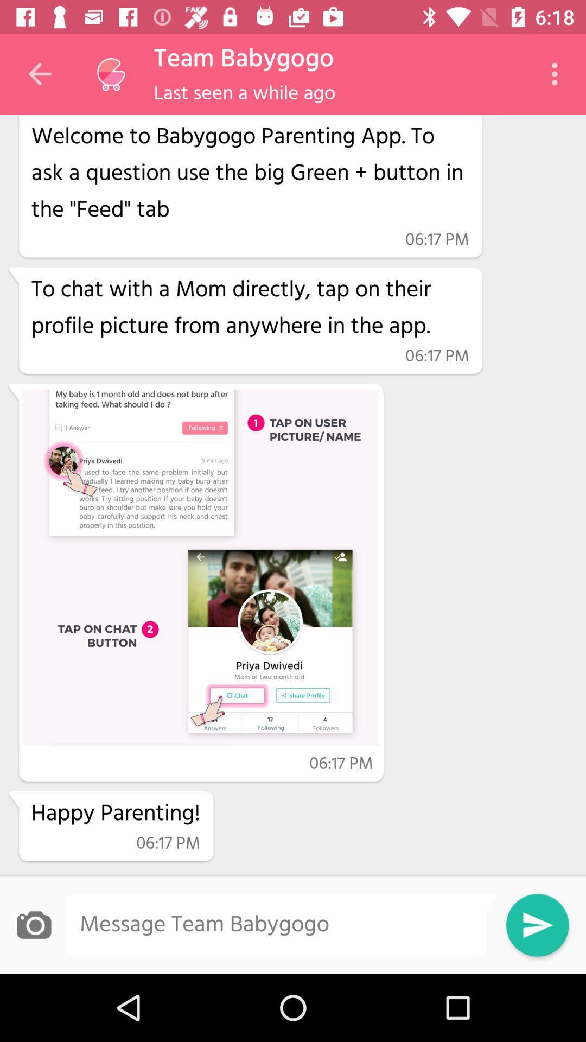 This screenshot has height=1042, width=586. What do you see at coordinates (557, 73) in the screenshot?
I see `the icon next to the hi app crawler item` at bounding box center [557, 73].